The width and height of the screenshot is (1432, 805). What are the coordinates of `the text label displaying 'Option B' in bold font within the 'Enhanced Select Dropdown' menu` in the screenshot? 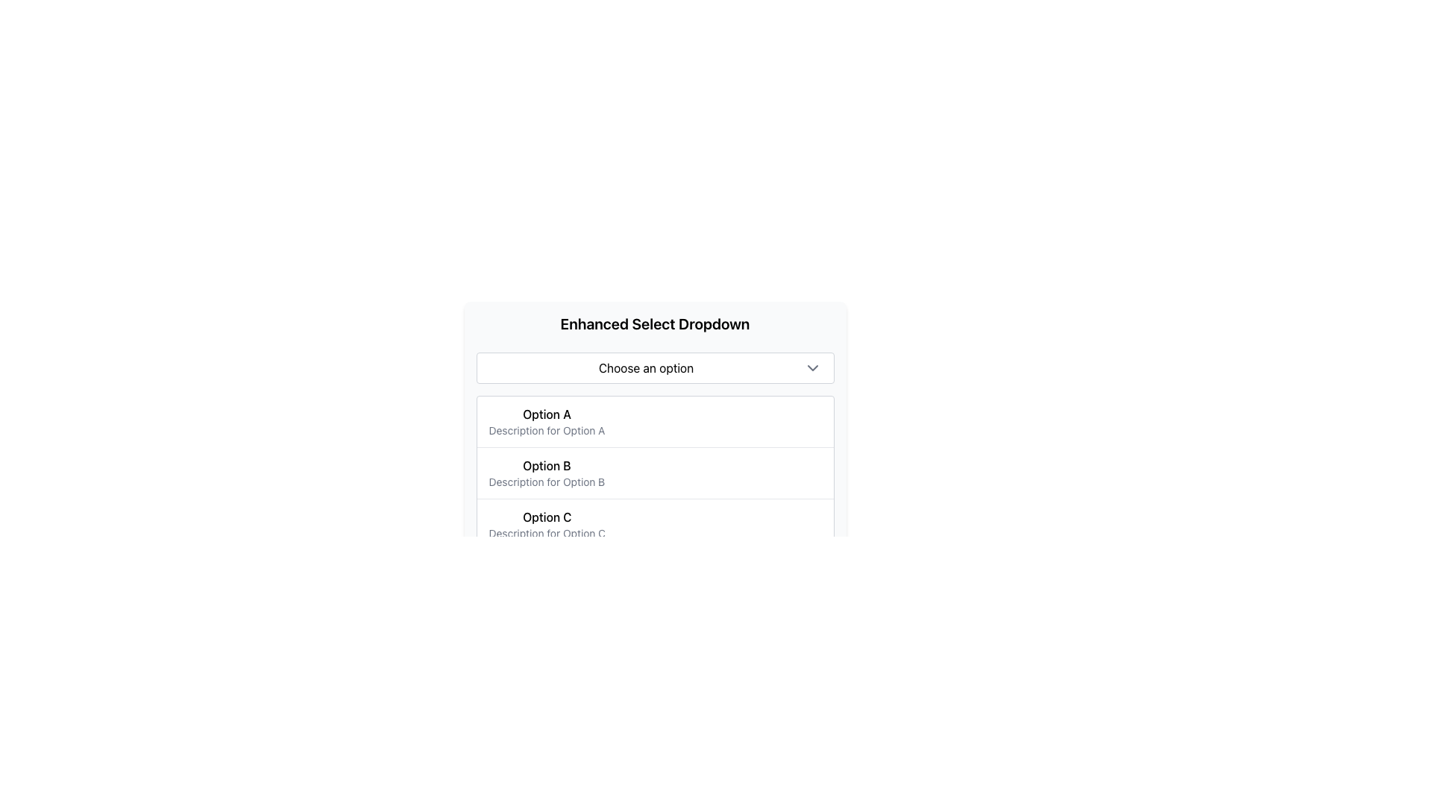 It's located at (546, 464).